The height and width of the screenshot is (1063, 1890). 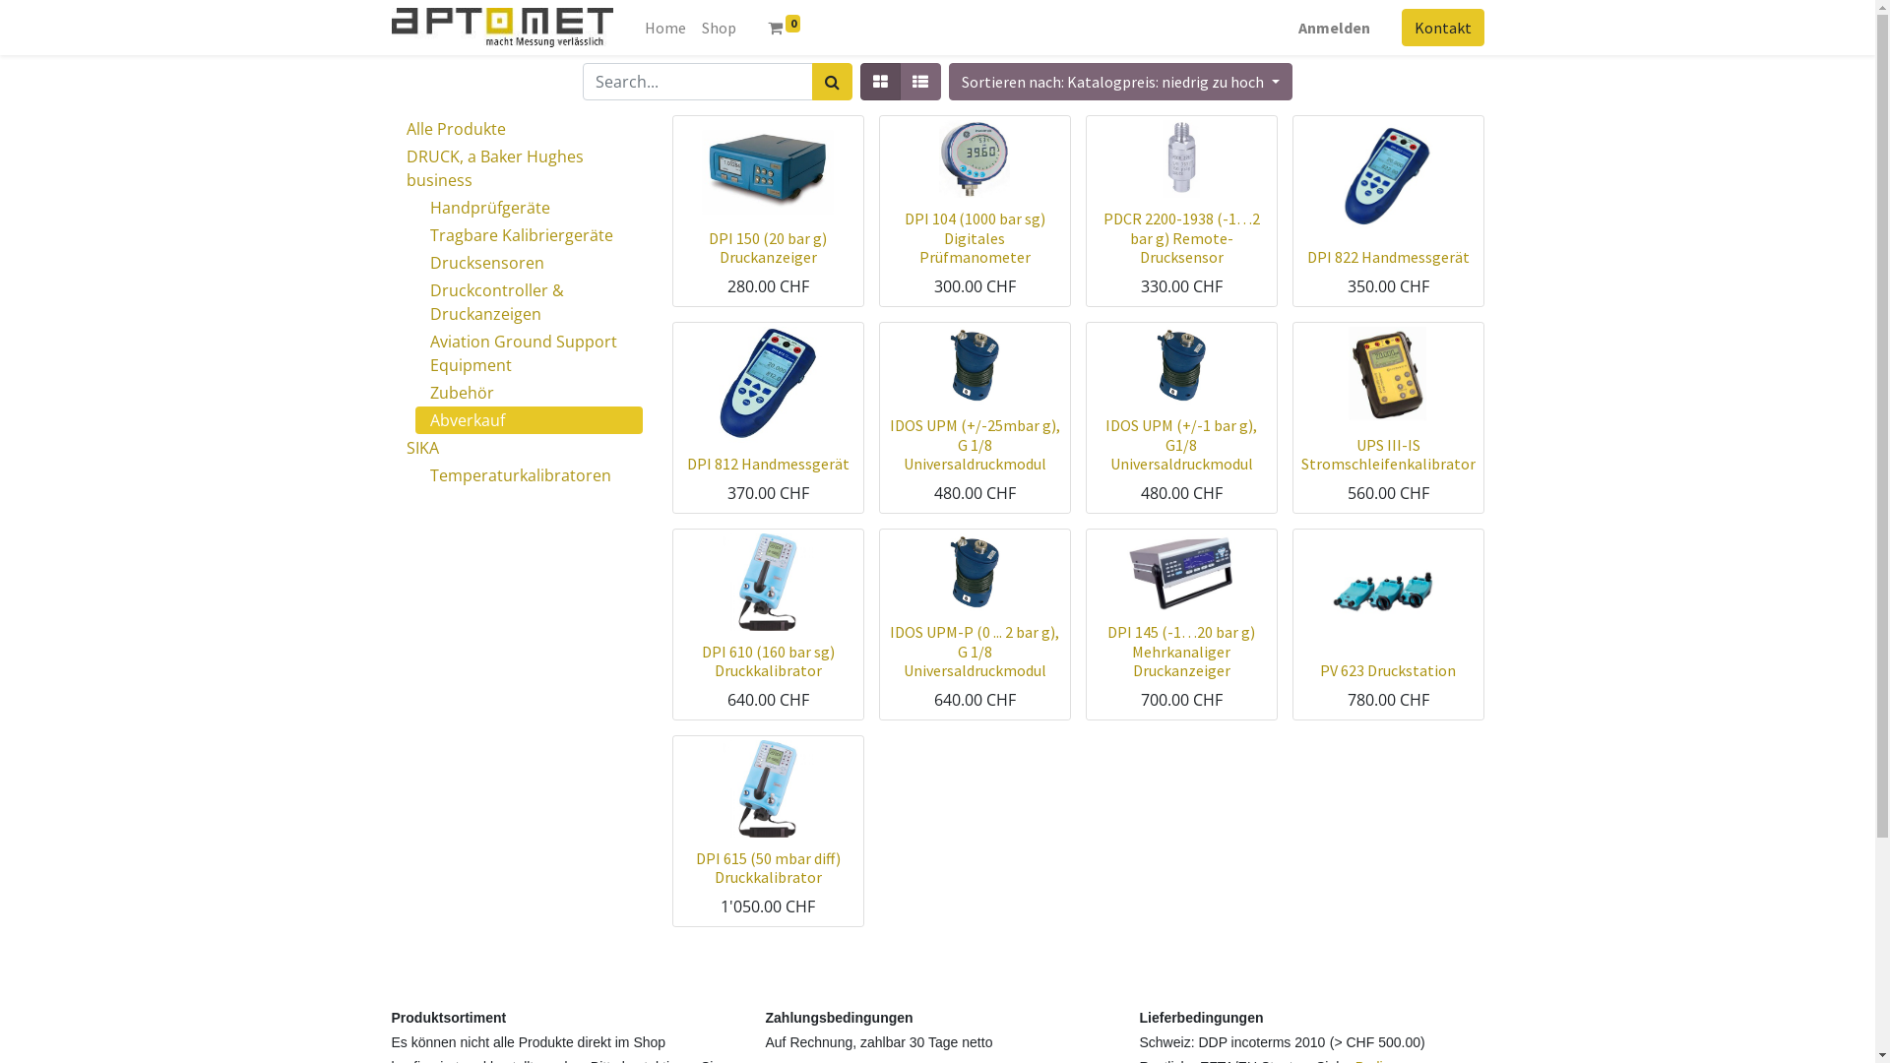 I want to click on 'Anmelden', so click(x=1333, y=27).